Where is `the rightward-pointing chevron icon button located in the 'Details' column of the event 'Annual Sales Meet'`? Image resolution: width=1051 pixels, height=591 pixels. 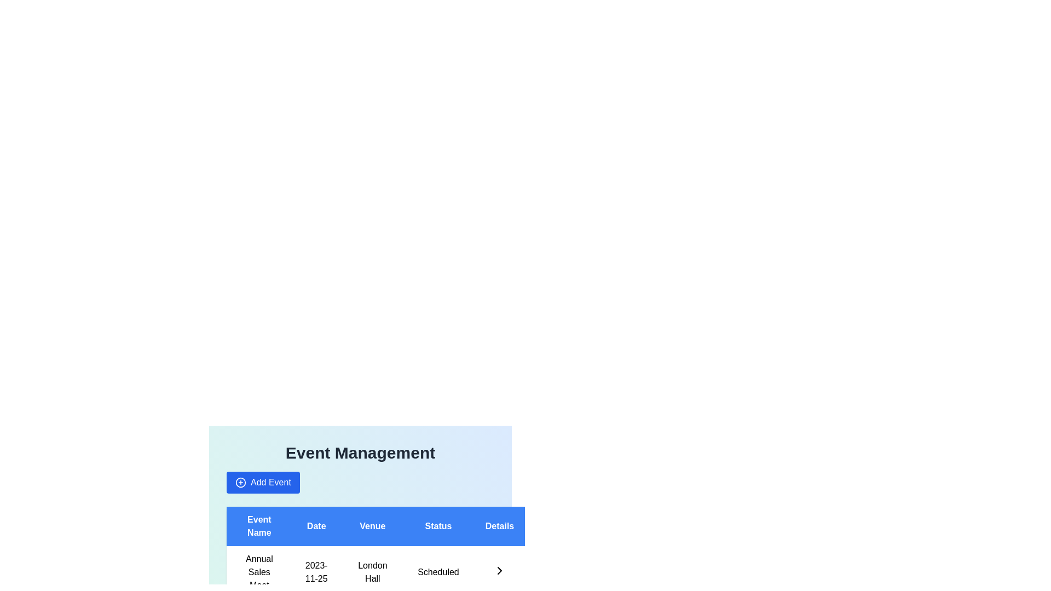
the rightward-pointing chevron icon button located in the 'Details' column of the event 'Annual Sales Meet' is located at coordinates (499, 570).